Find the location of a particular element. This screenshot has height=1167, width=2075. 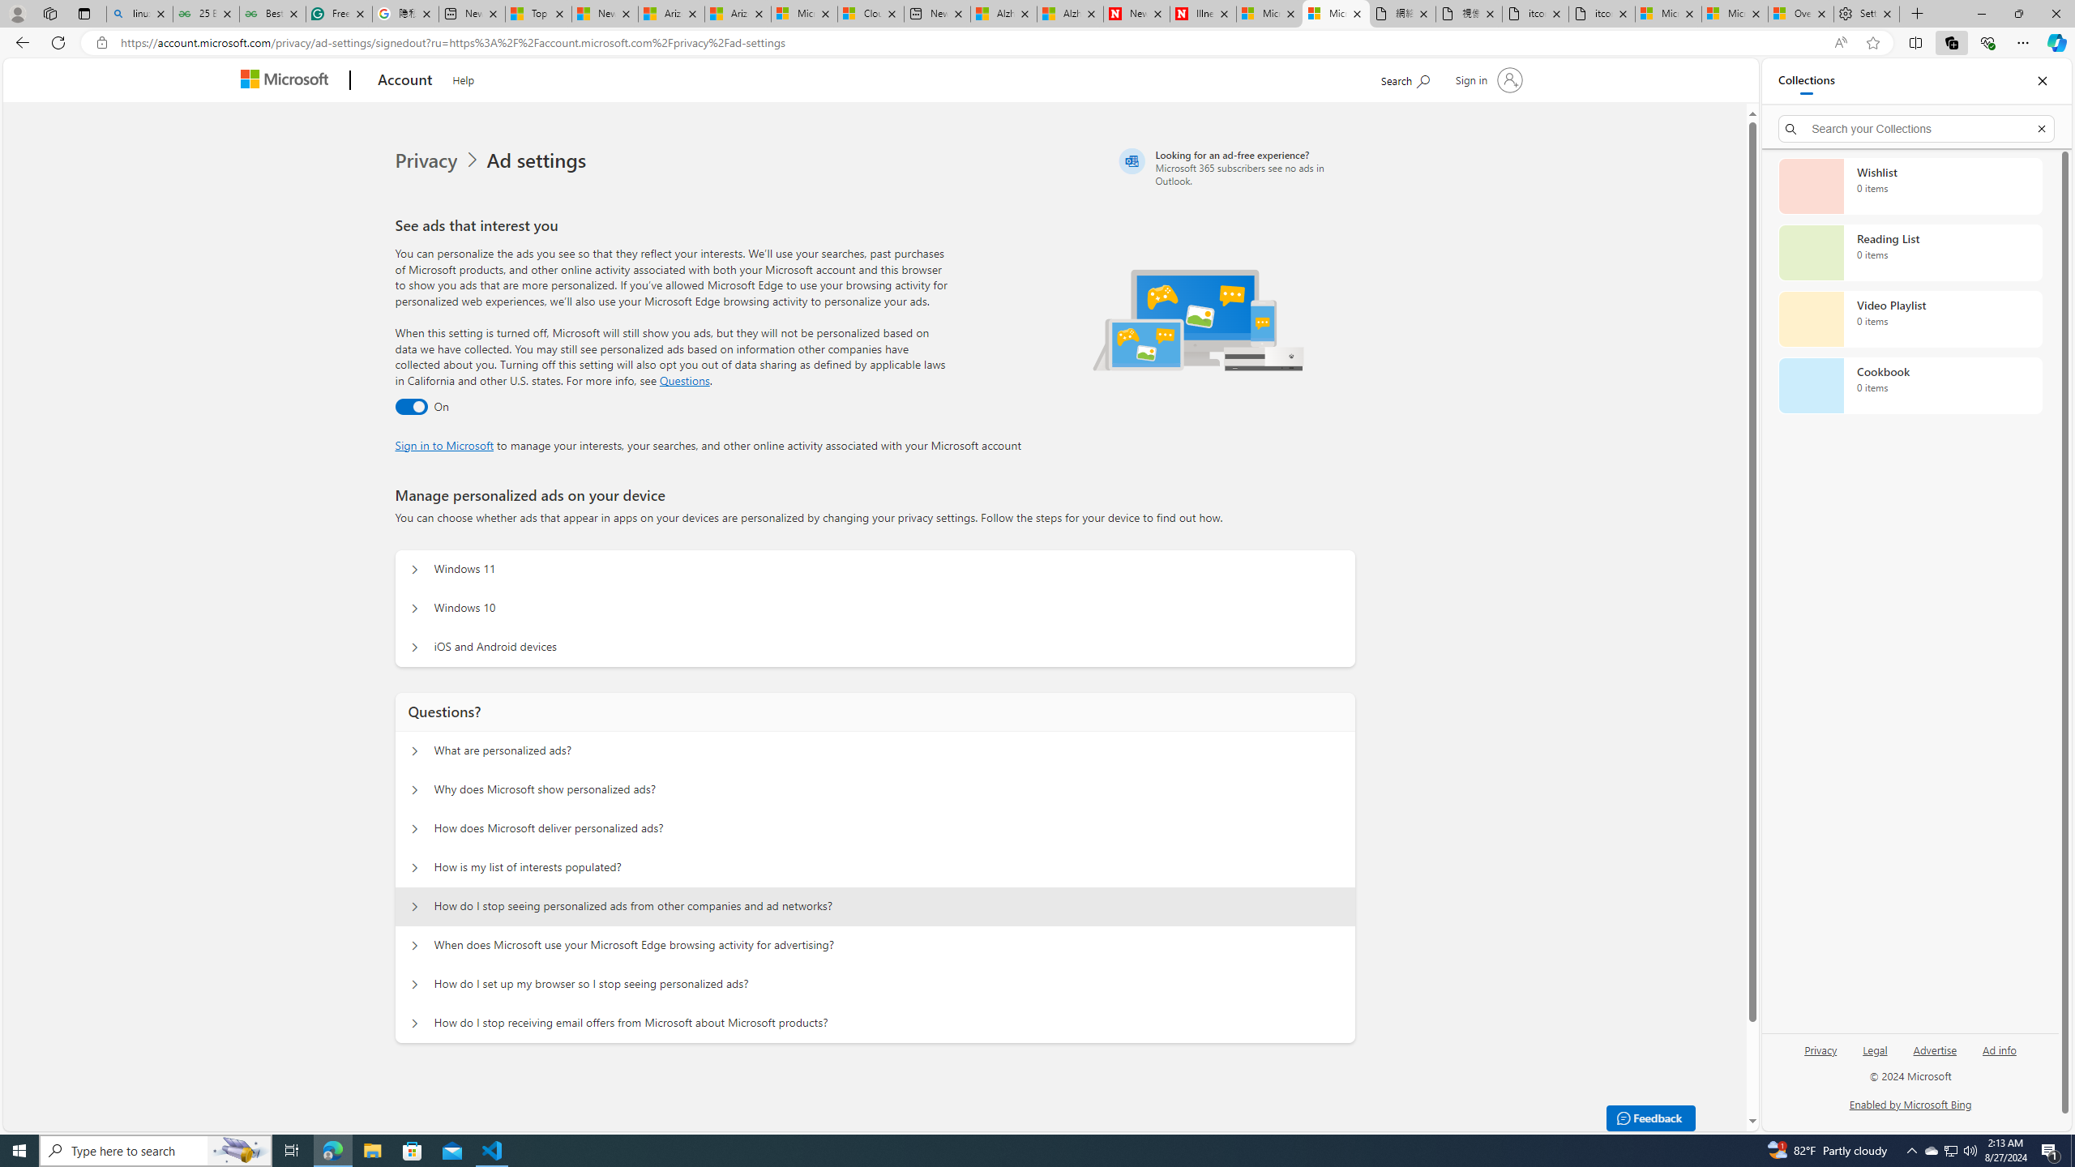

'Manage personalized ads on your device Windows 11' is located at coordinates (413, 569).